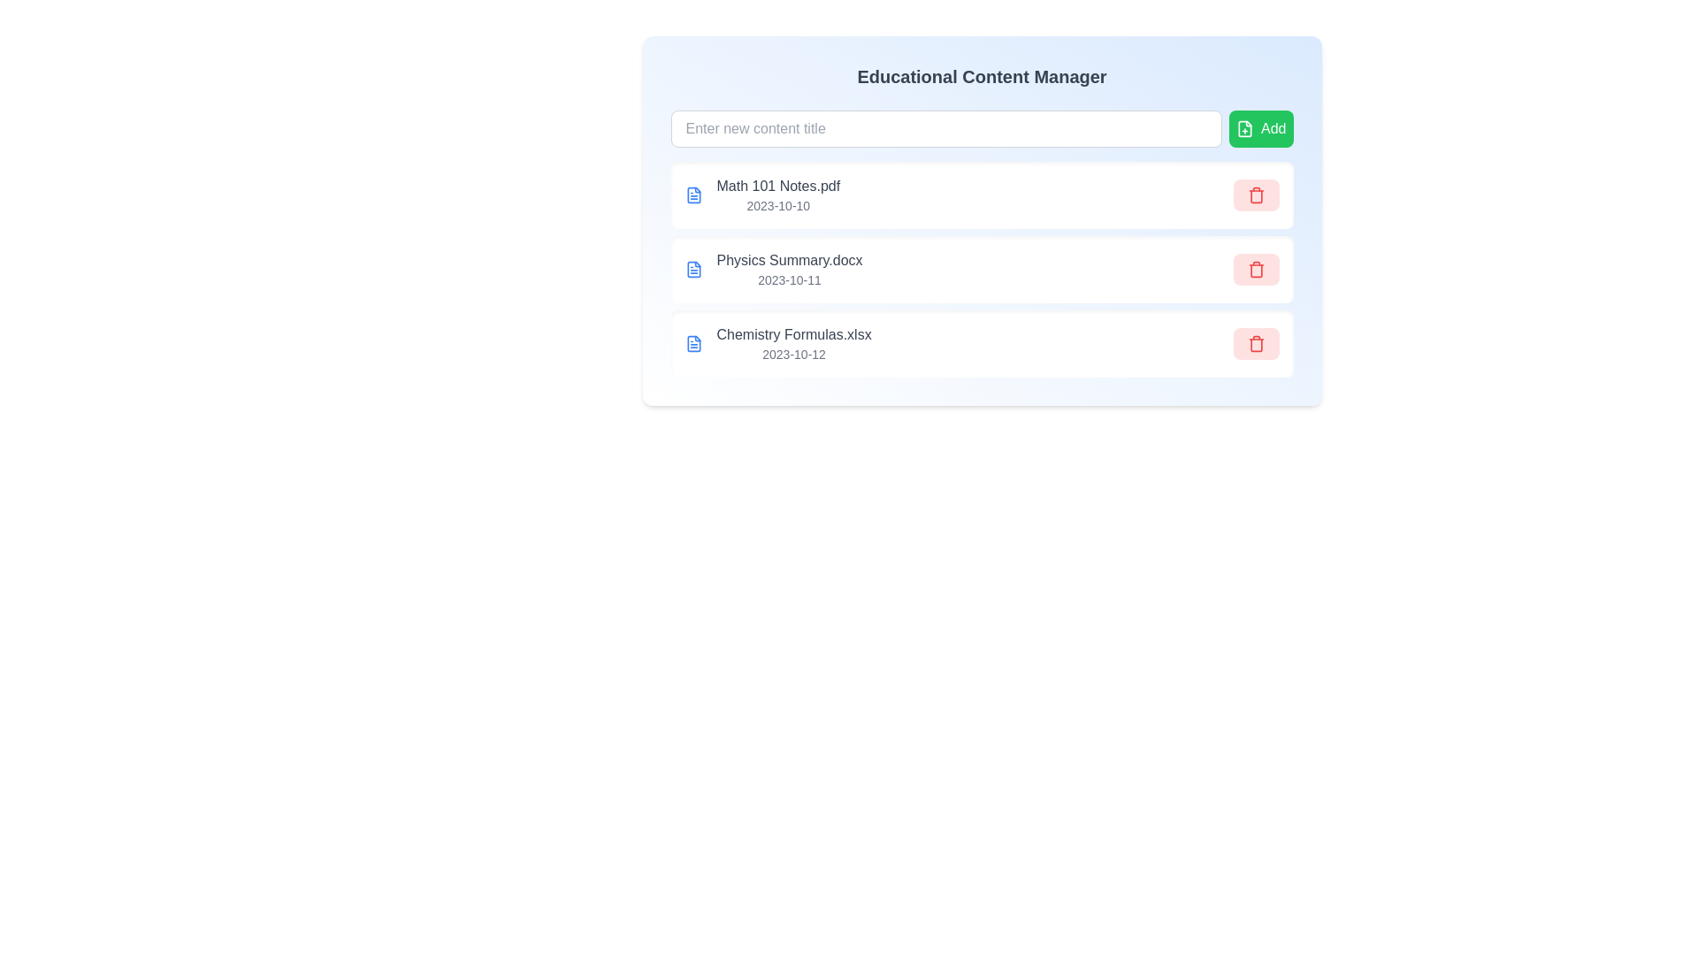 Image resolution: width=1698 pixels, height=955 pixels. Describe the element at coordinates (778, 195) in the screenshot. I see `the first list item labeled 'Math 101 Notes.pdf'` at that location.